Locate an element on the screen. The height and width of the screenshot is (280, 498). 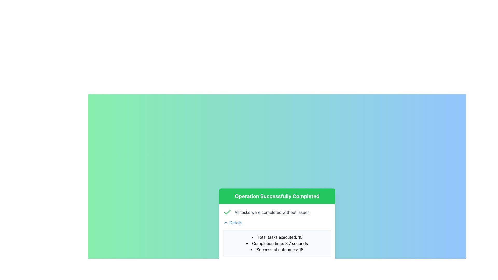
the status message indicating that all tasks have been successfully completed, located under the 'Operation Successfully Completed' header and next to the green checkmark icon is located at coordinates (272, 212).